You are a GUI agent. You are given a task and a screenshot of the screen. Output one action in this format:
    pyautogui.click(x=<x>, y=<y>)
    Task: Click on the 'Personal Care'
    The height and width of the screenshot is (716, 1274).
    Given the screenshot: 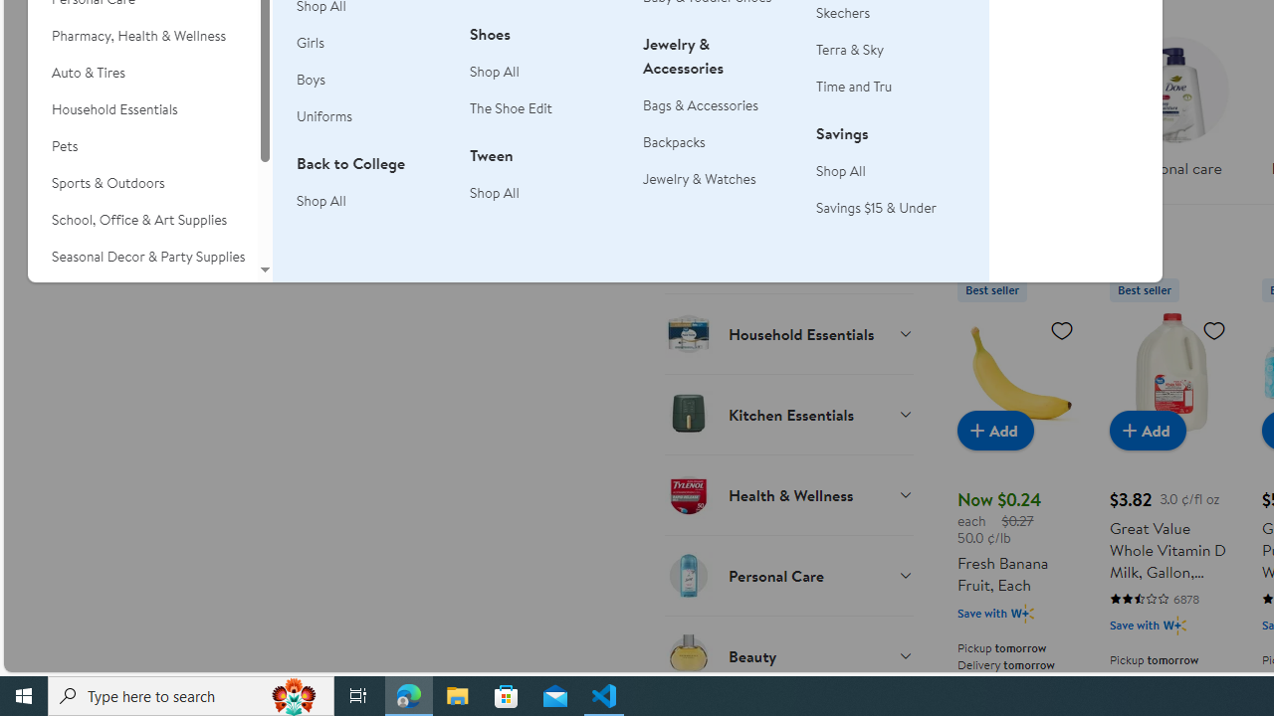 What is the action you would take?
    pyautogui.click(x=787, y=575)
    